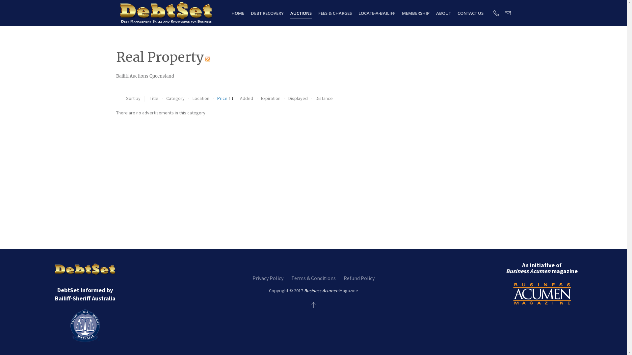 This screenshot has width=632, height=355. Describe the element at coordinates (268, 278) in the screenshot. I see `'Privacy Policy'` at that location.